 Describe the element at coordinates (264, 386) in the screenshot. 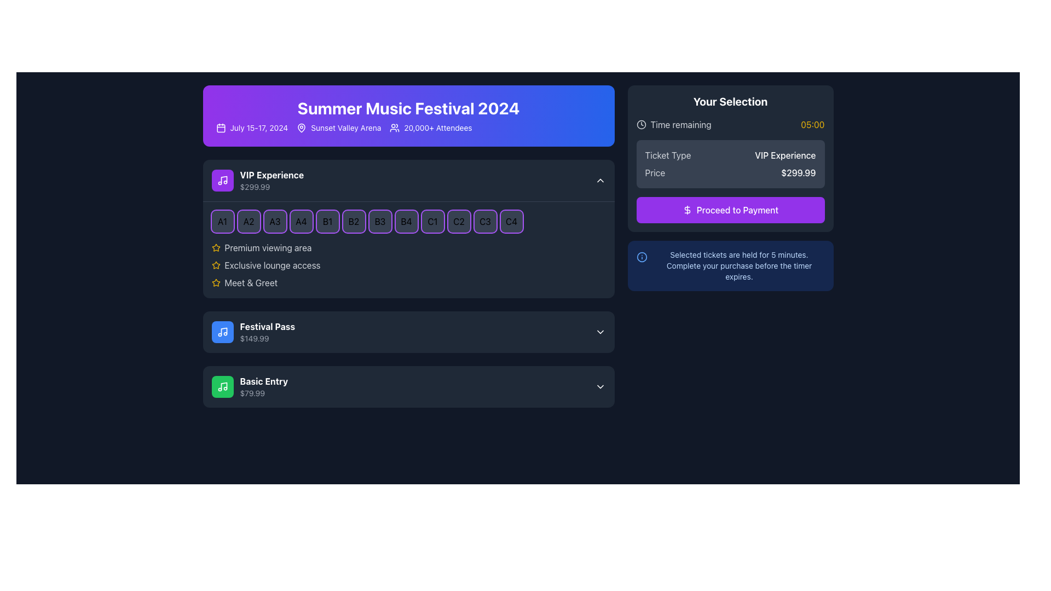

I see `information displayed in the textual label which includes 'Basic Entry' in bold font and the price '$79.99', located in the green-highlighted ticket option at the bottom of the ticket options column` at that location.